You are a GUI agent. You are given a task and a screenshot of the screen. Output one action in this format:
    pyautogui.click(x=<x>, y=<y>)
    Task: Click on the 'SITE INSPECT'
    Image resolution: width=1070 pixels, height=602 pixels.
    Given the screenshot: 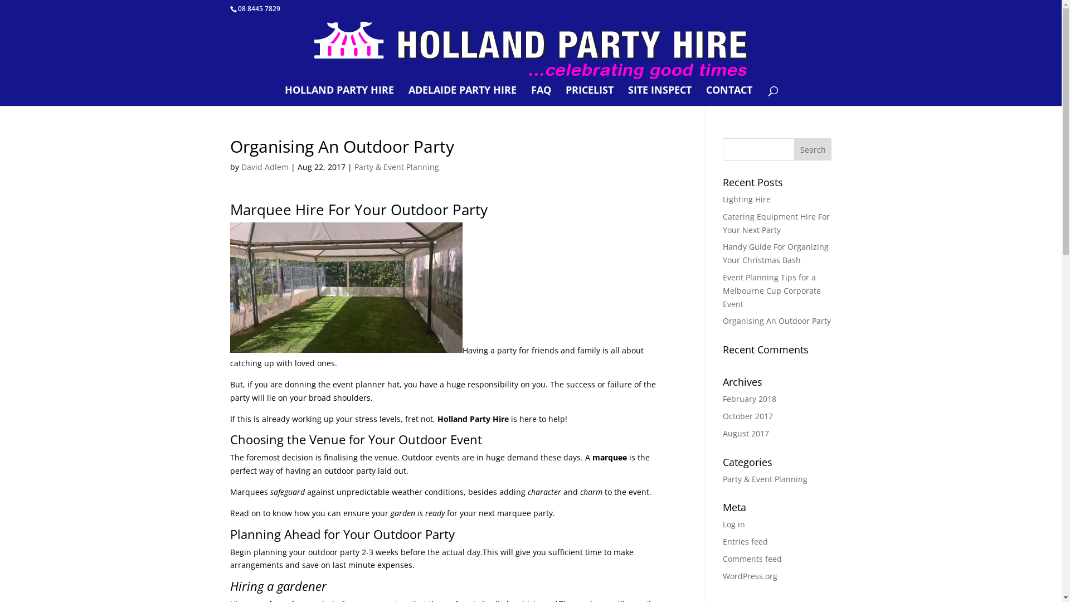 What is the action you would take?
    pyautogui.click(x=660, y=95)
    